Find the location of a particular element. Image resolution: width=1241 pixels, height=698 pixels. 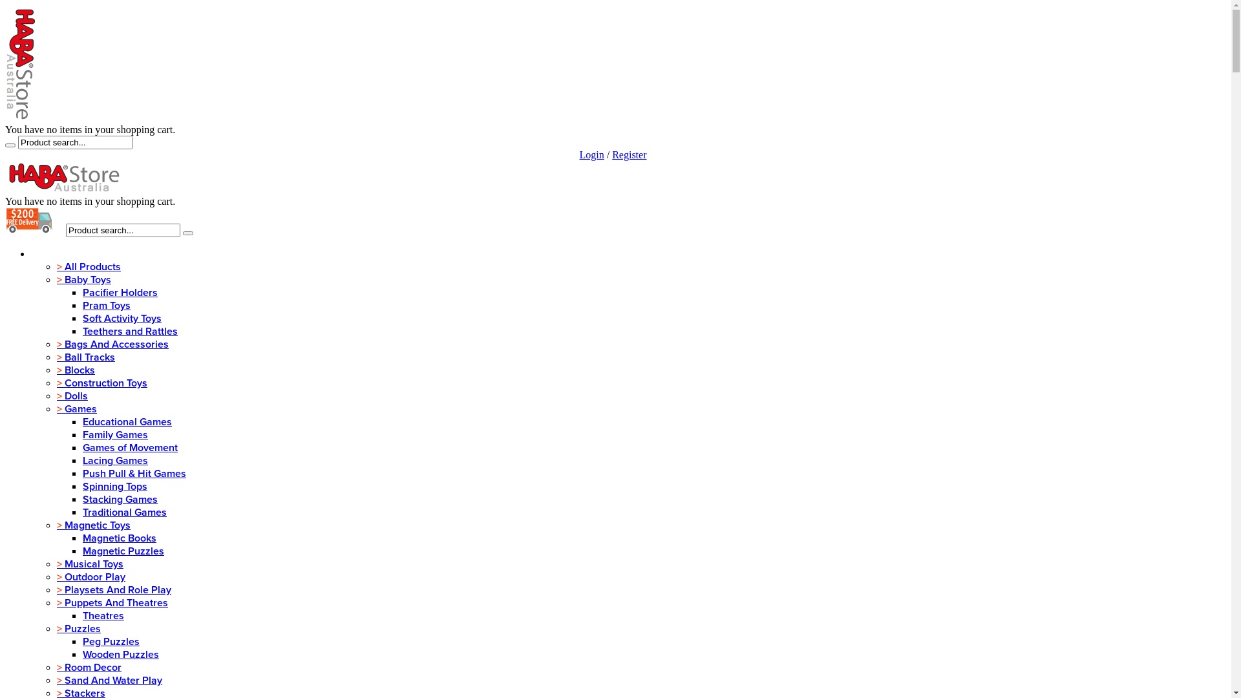

'Lacing Games' is located at coordinates (115, 460).